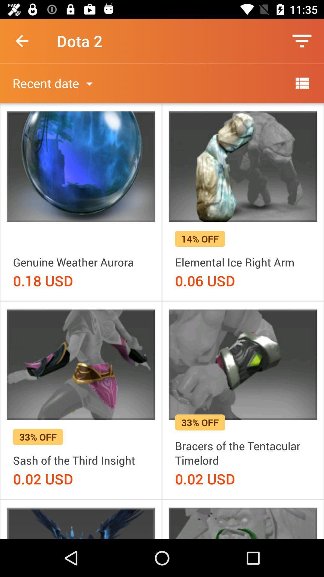 This screenshot has height=577, width=324. I want to click on categories, so click(302, 83).